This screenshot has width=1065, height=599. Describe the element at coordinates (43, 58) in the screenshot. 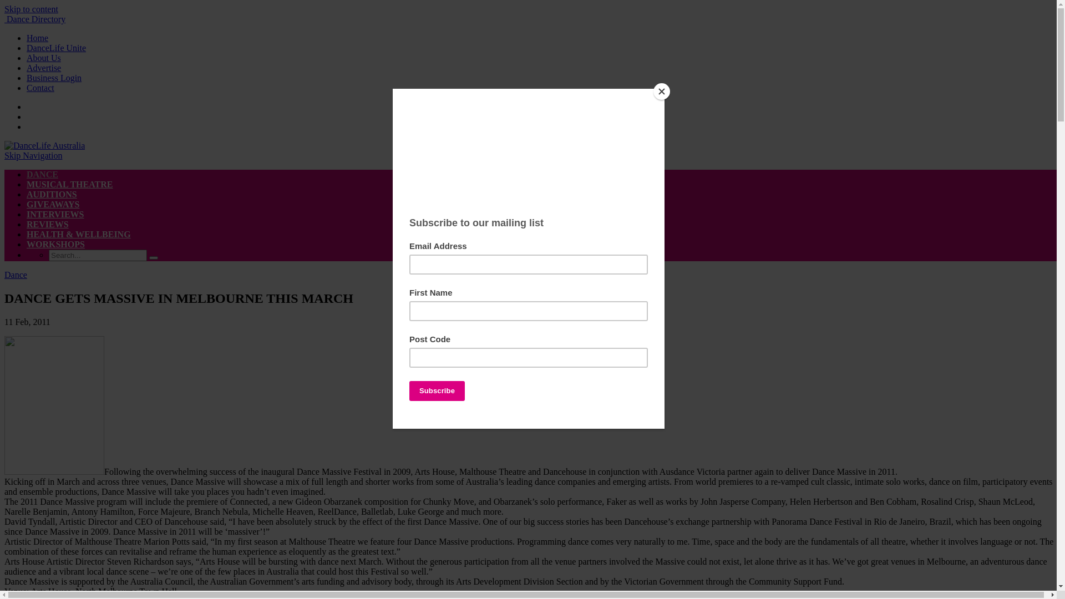

I see `'About Us'` at that location.